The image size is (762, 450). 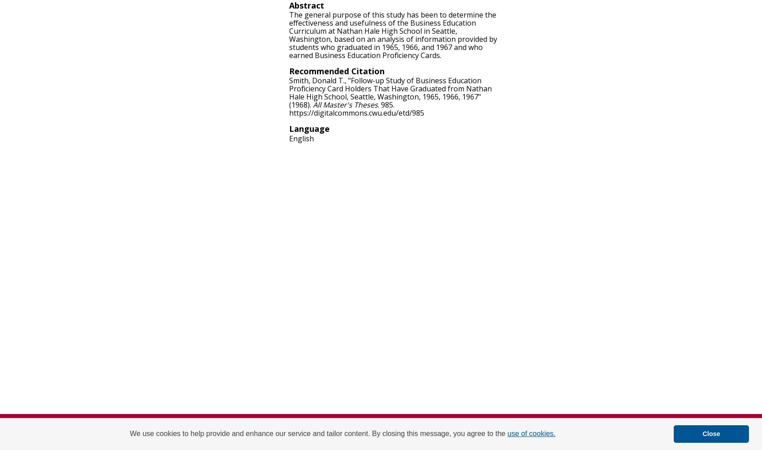 What do you see at coordinates (307, 5) in the screenshot?
I see `'Abstract'` at bounding box center [307, 5].